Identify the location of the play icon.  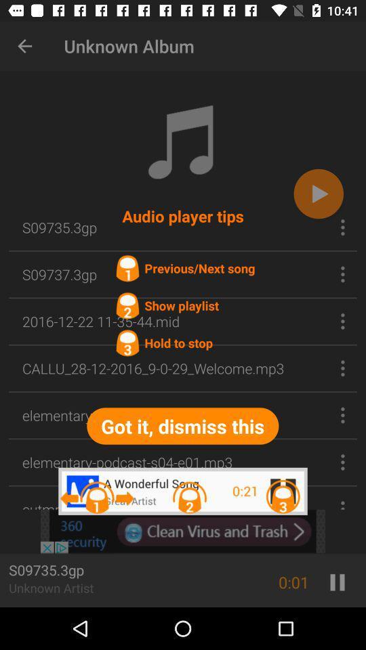
(319, 193).